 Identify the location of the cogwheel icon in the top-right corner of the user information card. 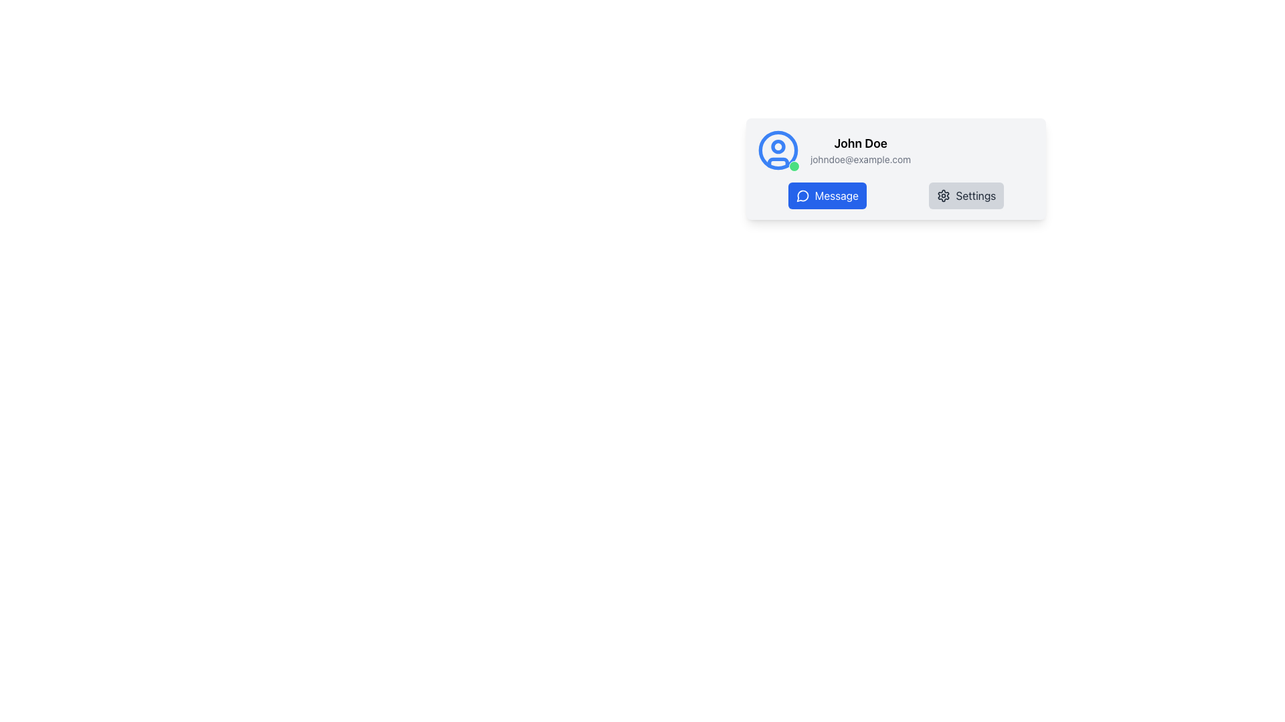
(943, 196).